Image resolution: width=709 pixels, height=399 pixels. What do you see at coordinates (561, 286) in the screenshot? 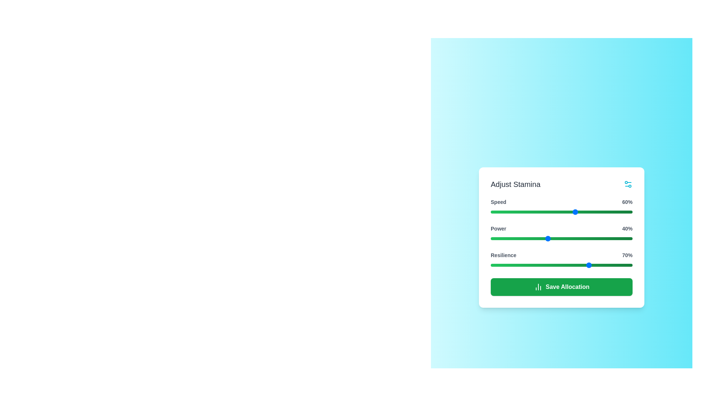
I see `'Save Allocation' button to save the current stamina allocation` at bounding box center [561, 286].